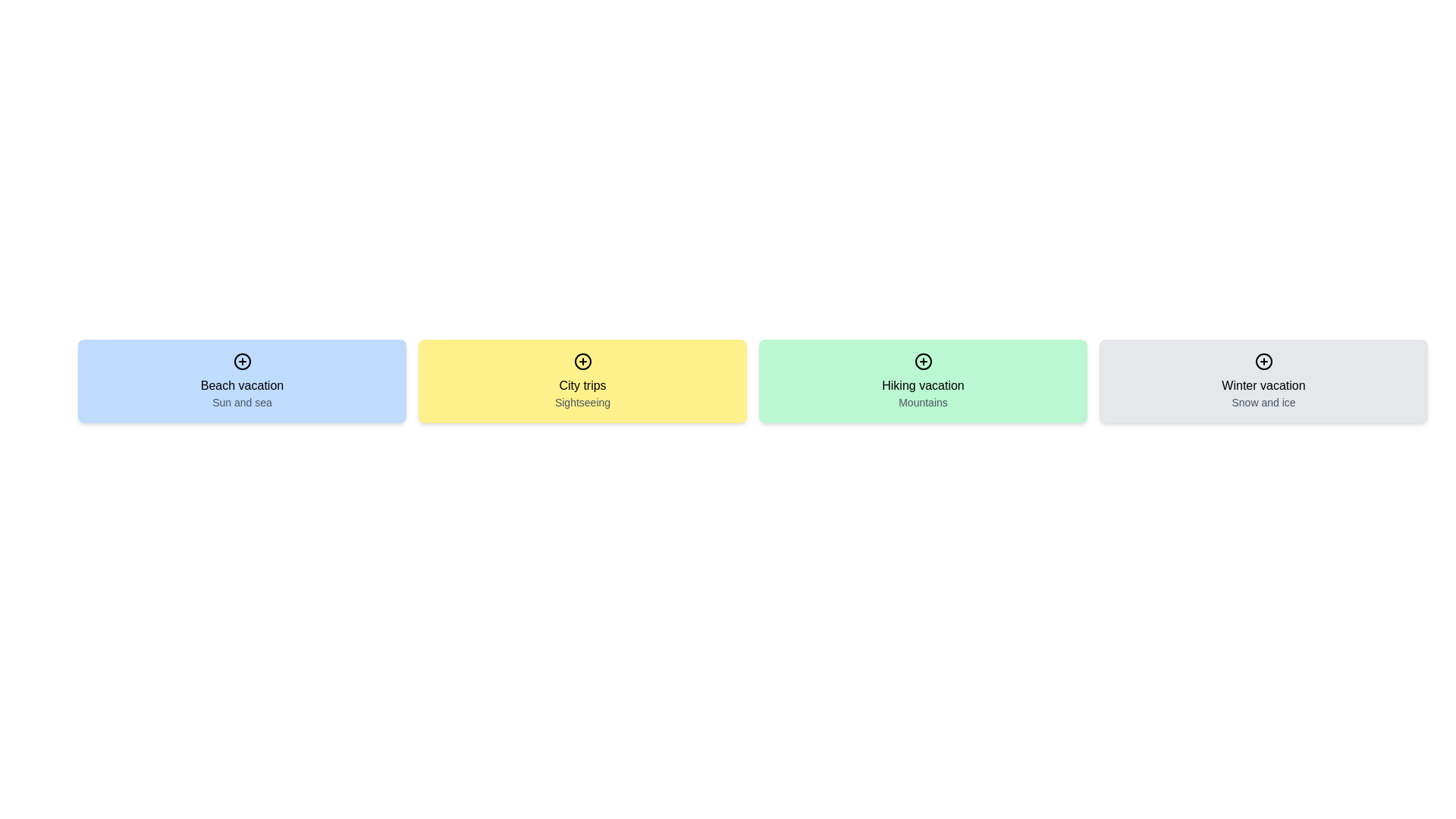  Describe the element at coordinates (922, 402) in the screenshot. I see `the Text Label displaying 'Mountains' in gray color, located within the 'Hiking vacation' card section` at that location.